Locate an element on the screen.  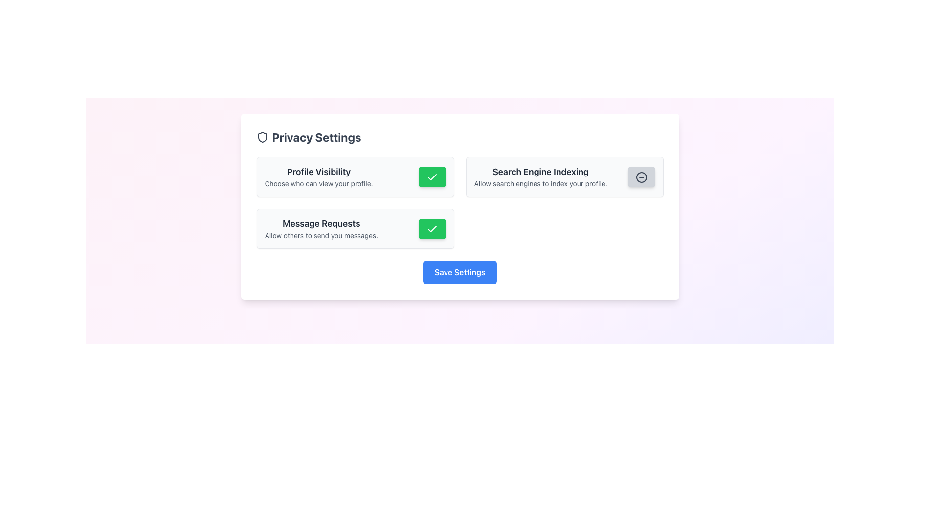
the toggle button for profile visibility, located to the right of 'Choose who can view your profile', to observe a visual transition effect is located at coordinates (431, 177).